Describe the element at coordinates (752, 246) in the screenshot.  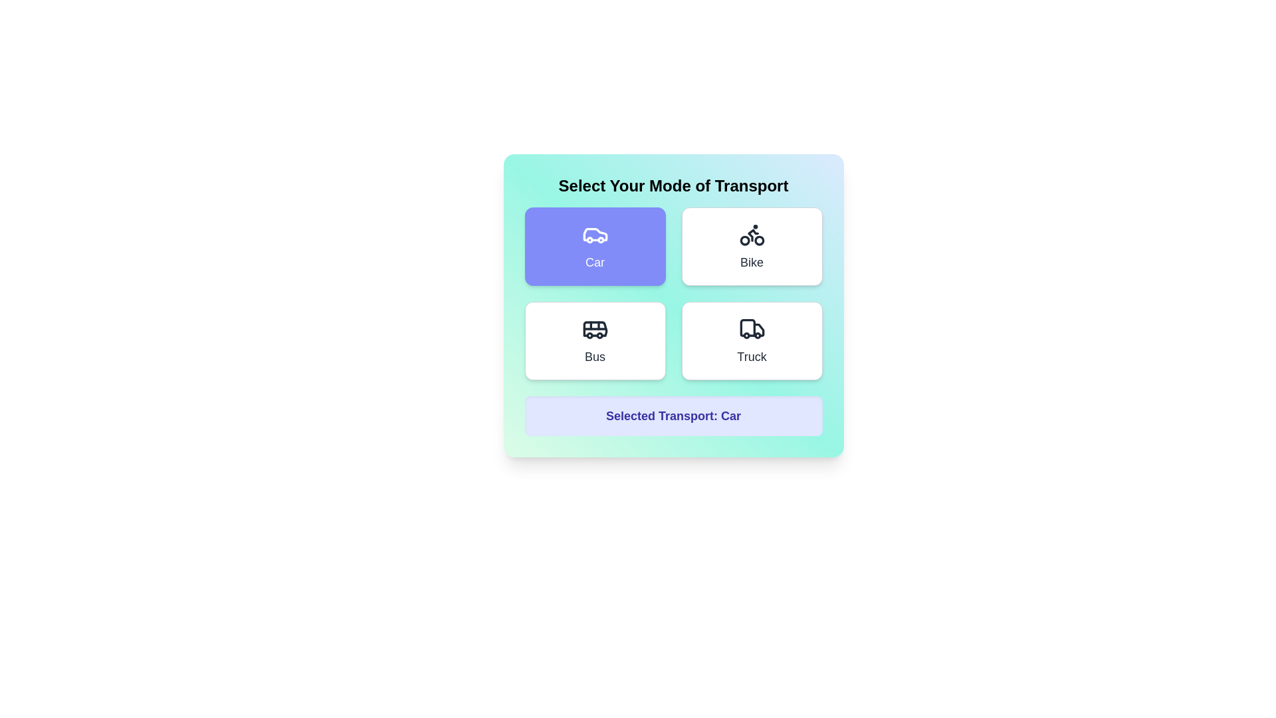
I see `the transport mode Bike` at that location.